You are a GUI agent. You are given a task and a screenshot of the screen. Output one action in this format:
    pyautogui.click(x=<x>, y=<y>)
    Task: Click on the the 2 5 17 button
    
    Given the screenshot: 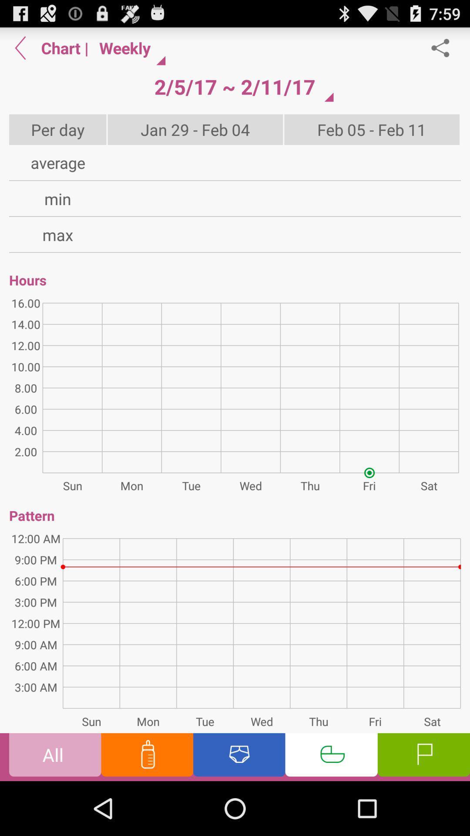 What is the action you would take?
    pyautogui.click(x=234, y=87)
    